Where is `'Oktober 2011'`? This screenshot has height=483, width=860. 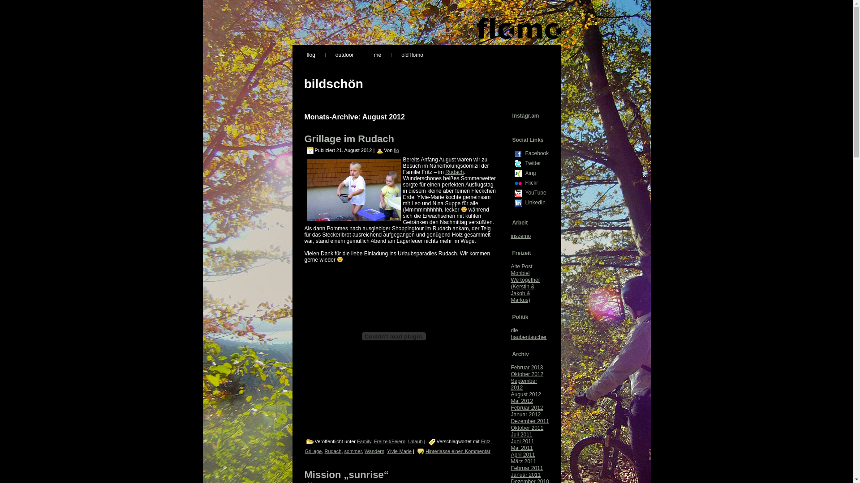
'Oktober 2011' is located at coordinates (527, 427).